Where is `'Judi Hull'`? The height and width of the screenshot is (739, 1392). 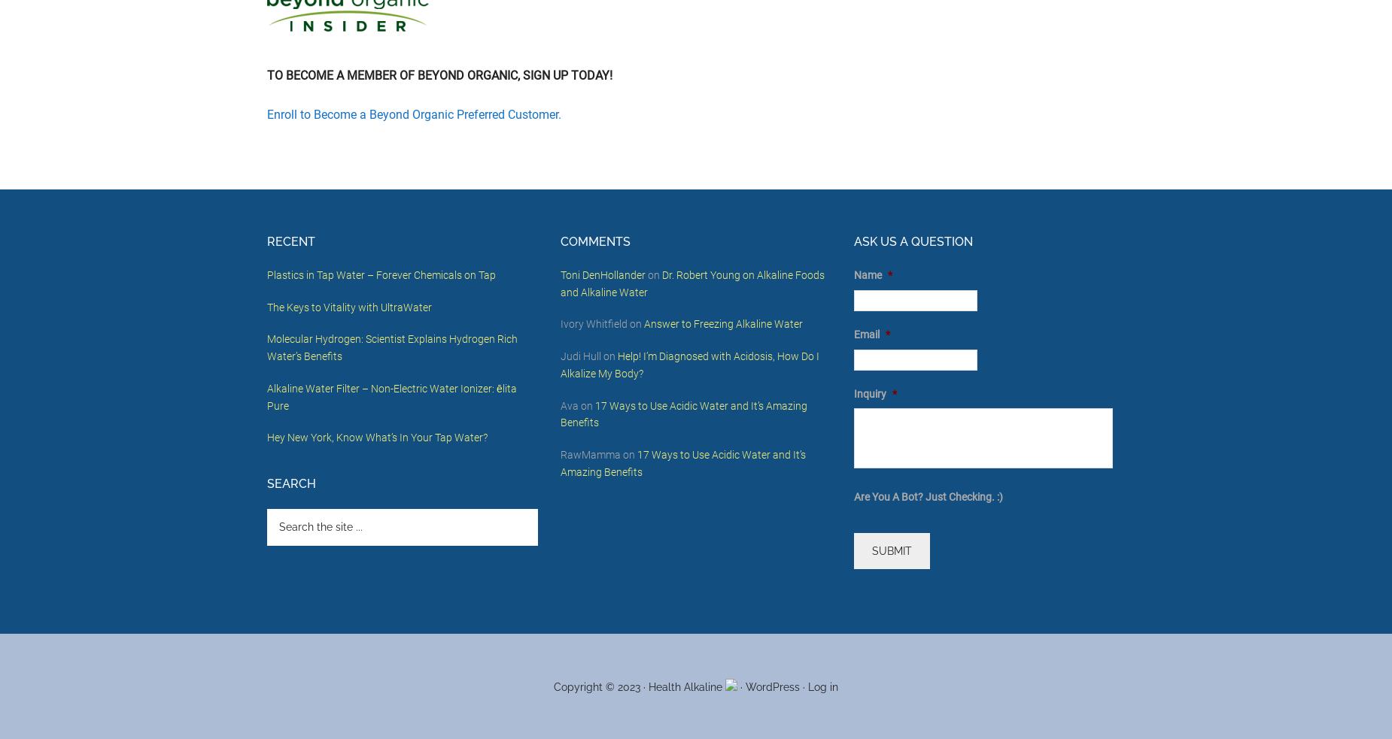
'Judi Hull' is located at coordinates (581, 356).